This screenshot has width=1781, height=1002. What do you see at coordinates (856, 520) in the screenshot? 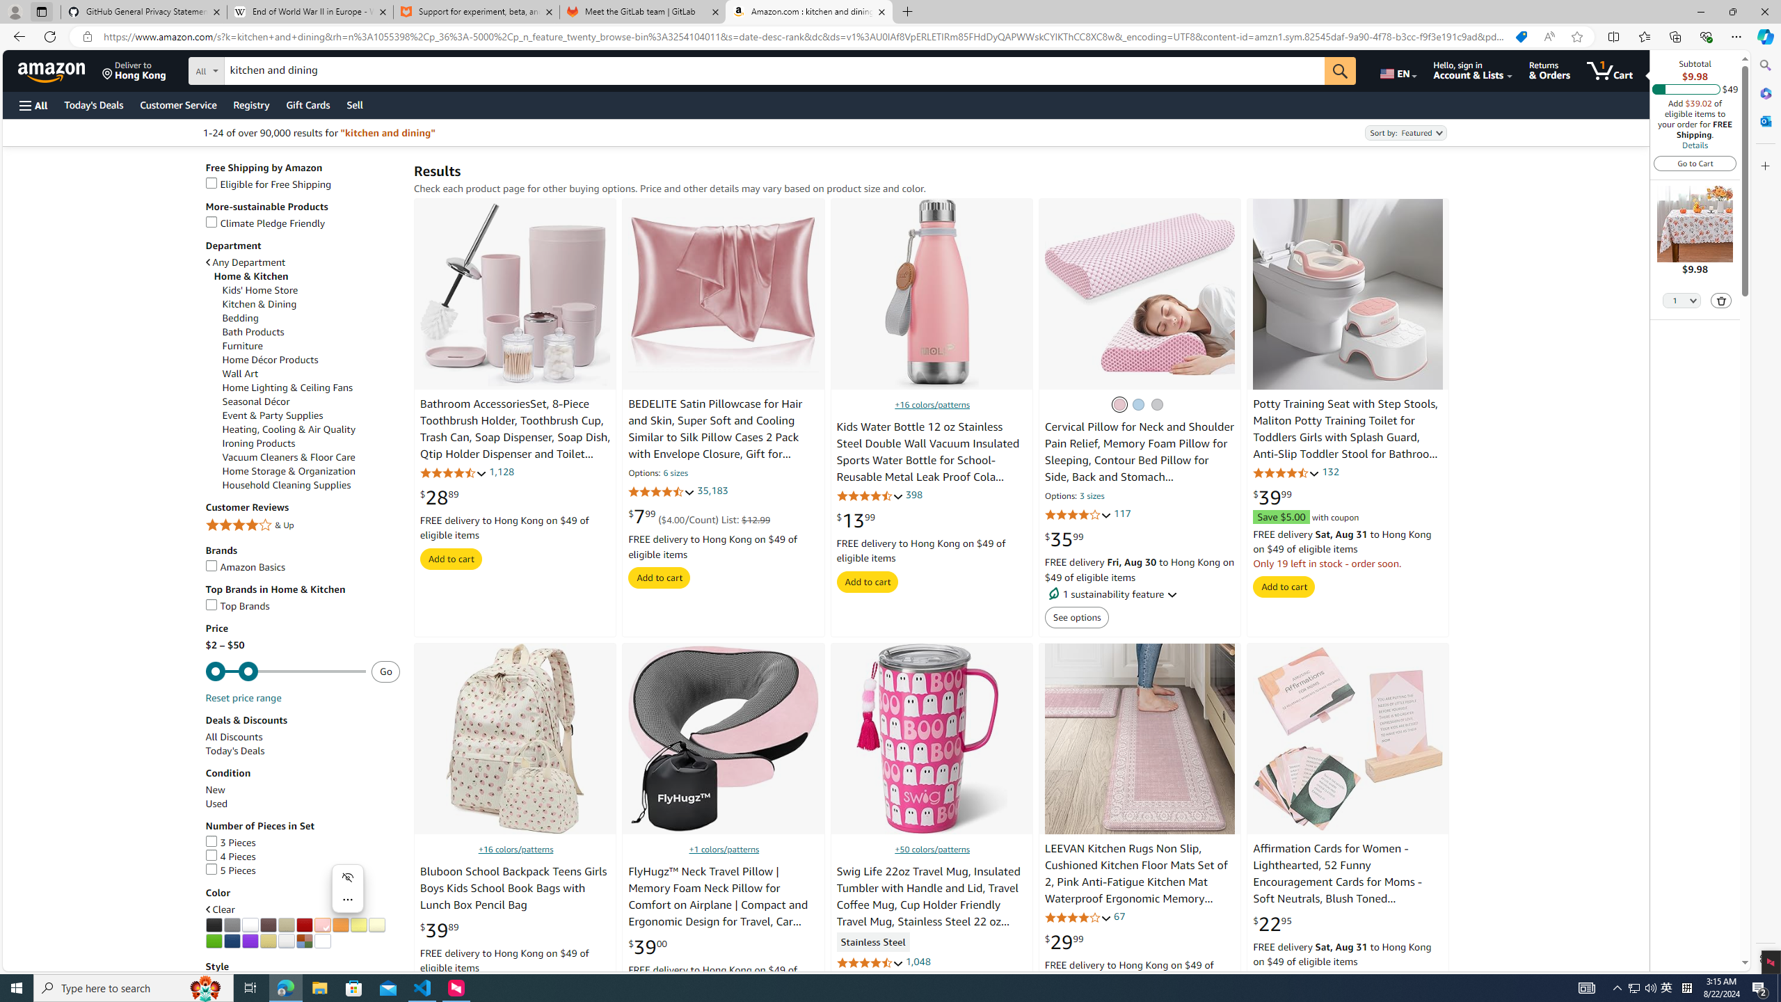
I see `'$13.99'` at bounding box center [856, 520].